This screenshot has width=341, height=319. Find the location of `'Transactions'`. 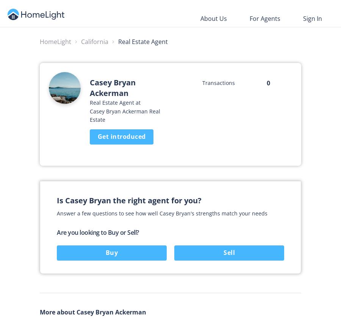

'Transactions' is located at coordinates (218, 82).